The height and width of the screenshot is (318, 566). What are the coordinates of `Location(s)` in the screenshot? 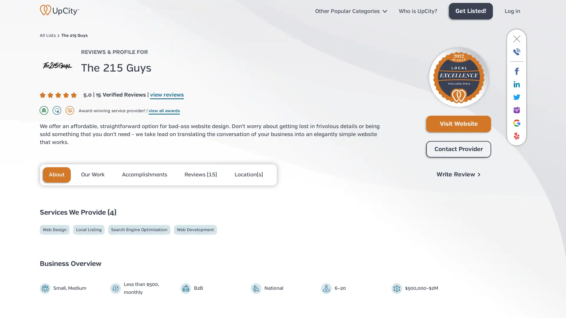 It's located at (249, 174).